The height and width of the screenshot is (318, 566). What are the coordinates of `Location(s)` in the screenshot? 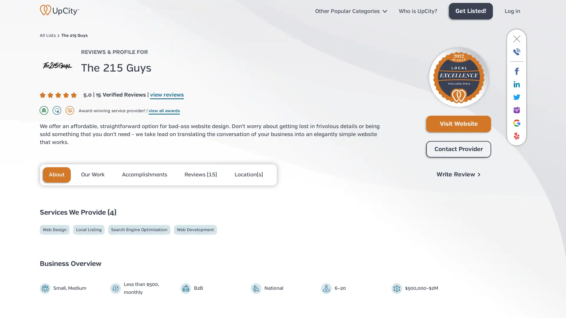 It's located at (249, 174).